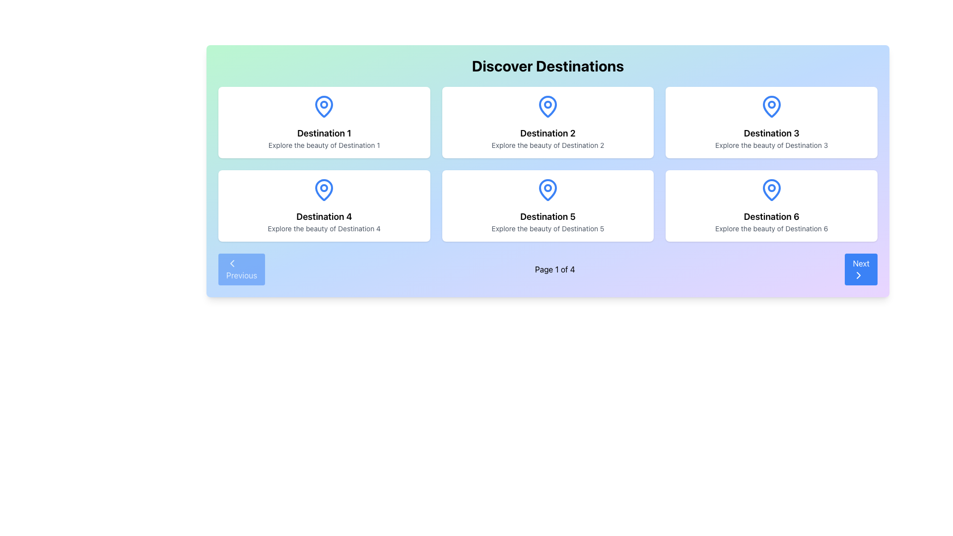  What do you see at coordinates (771, 190) in the screenshot?
I see `the bottom portion of the blue map pin icon associated with the card labeled 'Destination 6', located in the bottom-right corner of the grid layout` at bounding box center [771, 190].